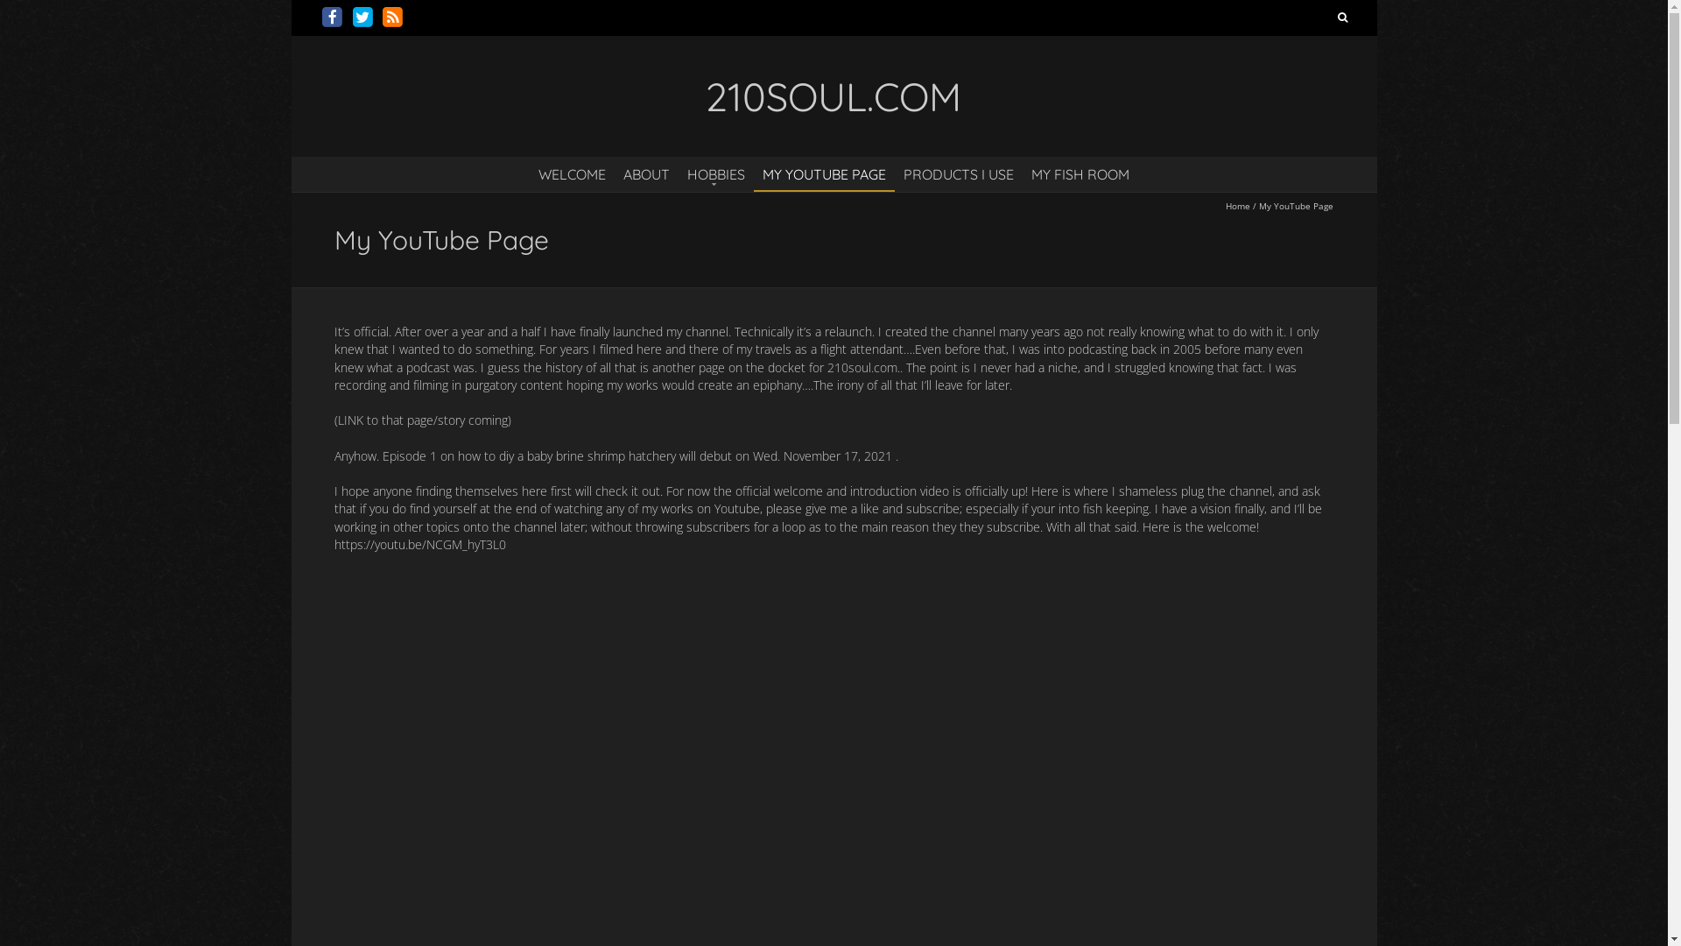  What do you see at coordinates (895, 173) in the screenshot?
I see `'PRODUCTS I USE'` at bounding box center [895, 173].